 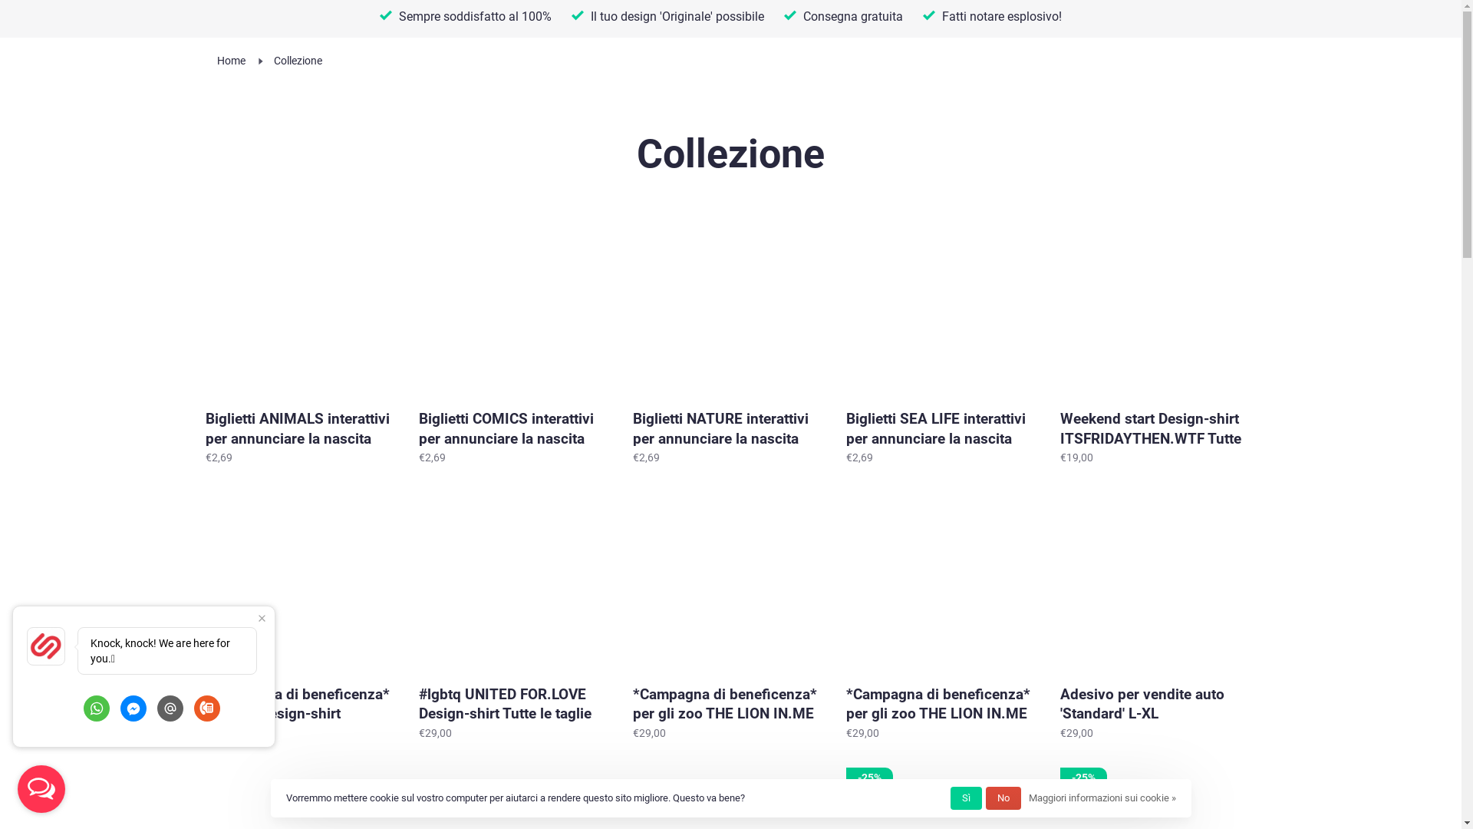 What do you see at coordinates (514, 702) in the screenshot?
I see `'#lgbtq UNITED FOR.LOVE Design-shirt Tutte le taglie'` at bounding box center [514, 702].